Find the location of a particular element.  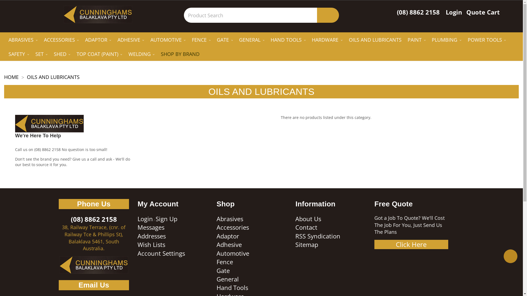

'About Us' is located at coordinates (295, 218).